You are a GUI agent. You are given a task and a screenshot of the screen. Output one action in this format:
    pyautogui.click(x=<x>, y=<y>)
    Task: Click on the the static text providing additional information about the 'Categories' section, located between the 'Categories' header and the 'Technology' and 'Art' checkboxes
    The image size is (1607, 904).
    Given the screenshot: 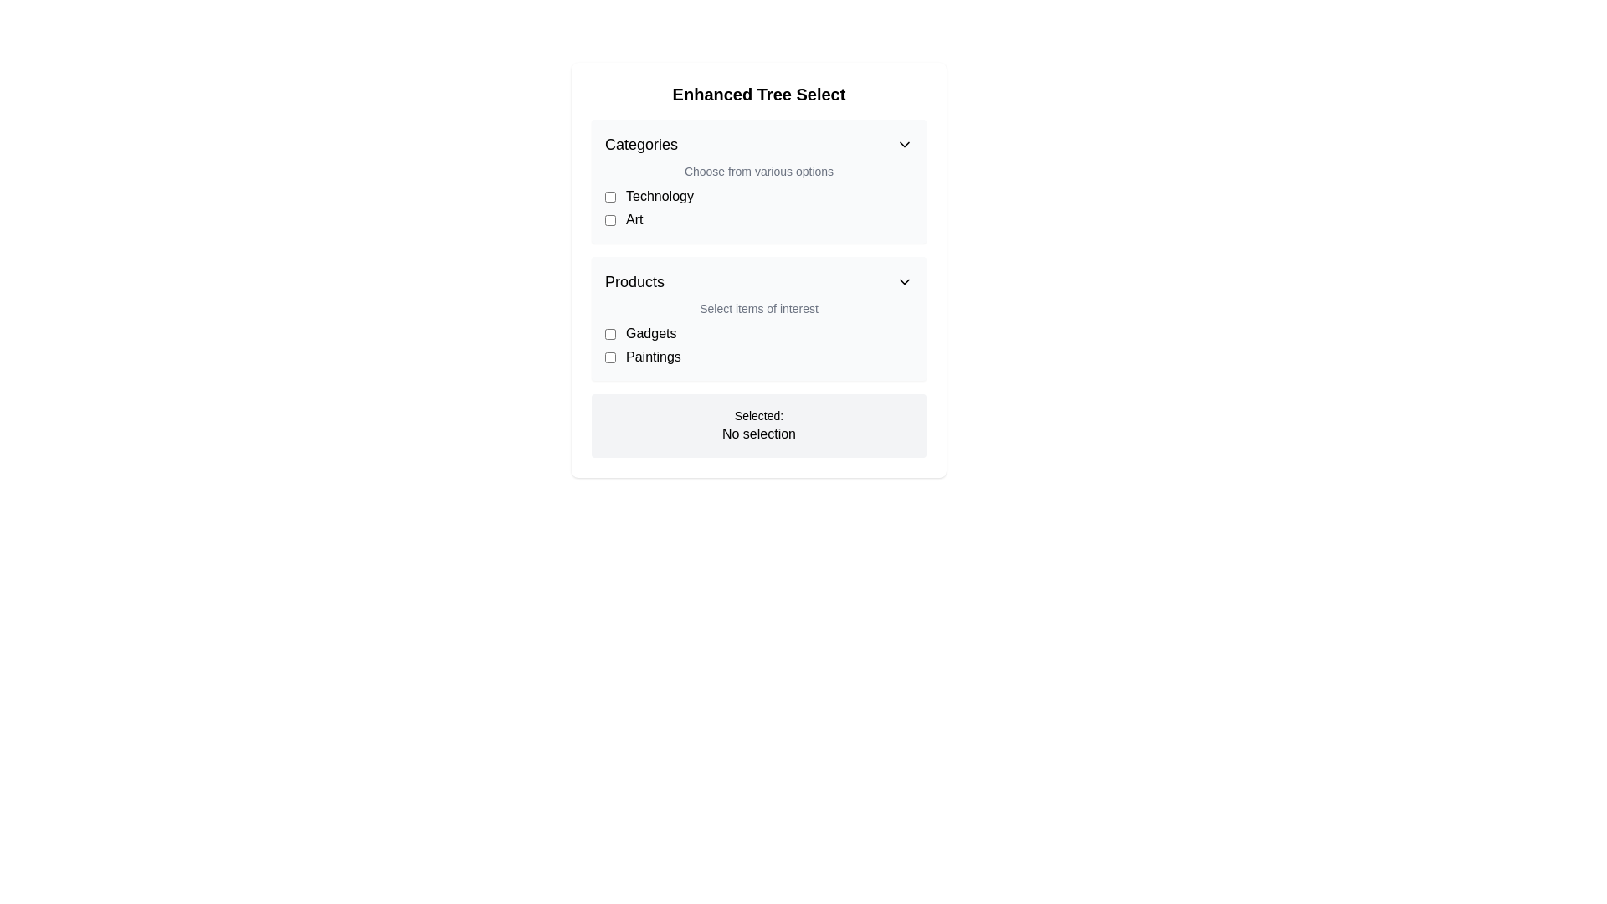 What is the action you would take?
    pyautogui.click(x=758, y=171)
    